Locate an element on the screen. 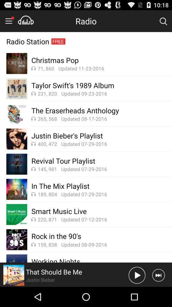 This screenshot has width=172, height=307. play is located at coordinates (137, 275).